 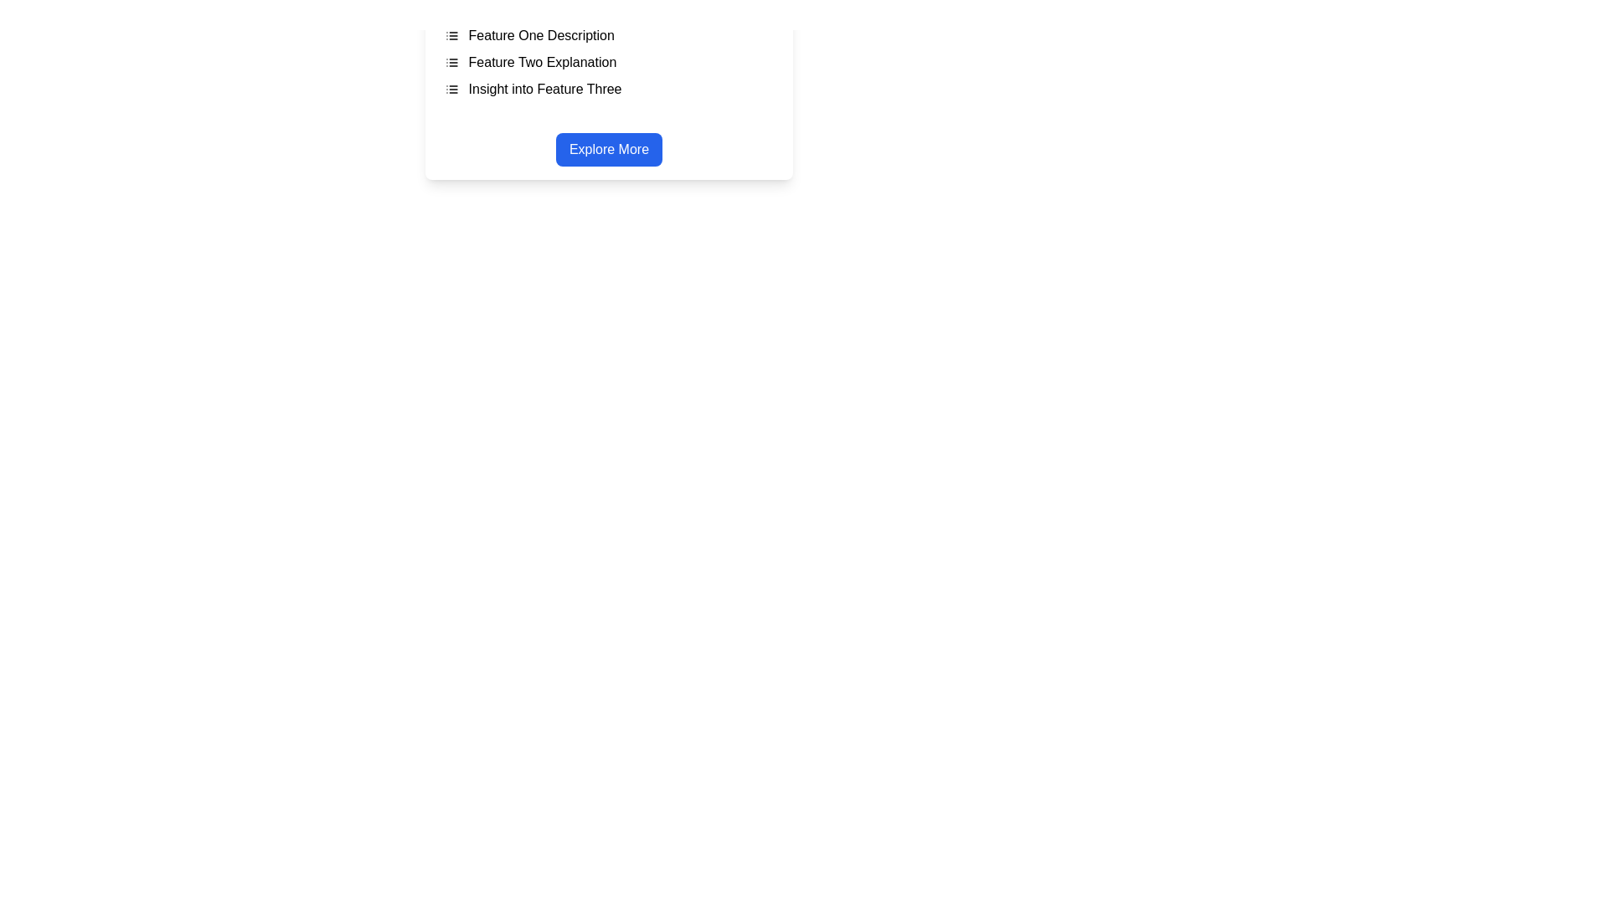 What do you see at coordinates (608, 61) in the screenshot?
I see `the second list item element, which is positioned between 'Feature One Description' and 'Insight into Feature Three'` at bounding box center [608, 61].